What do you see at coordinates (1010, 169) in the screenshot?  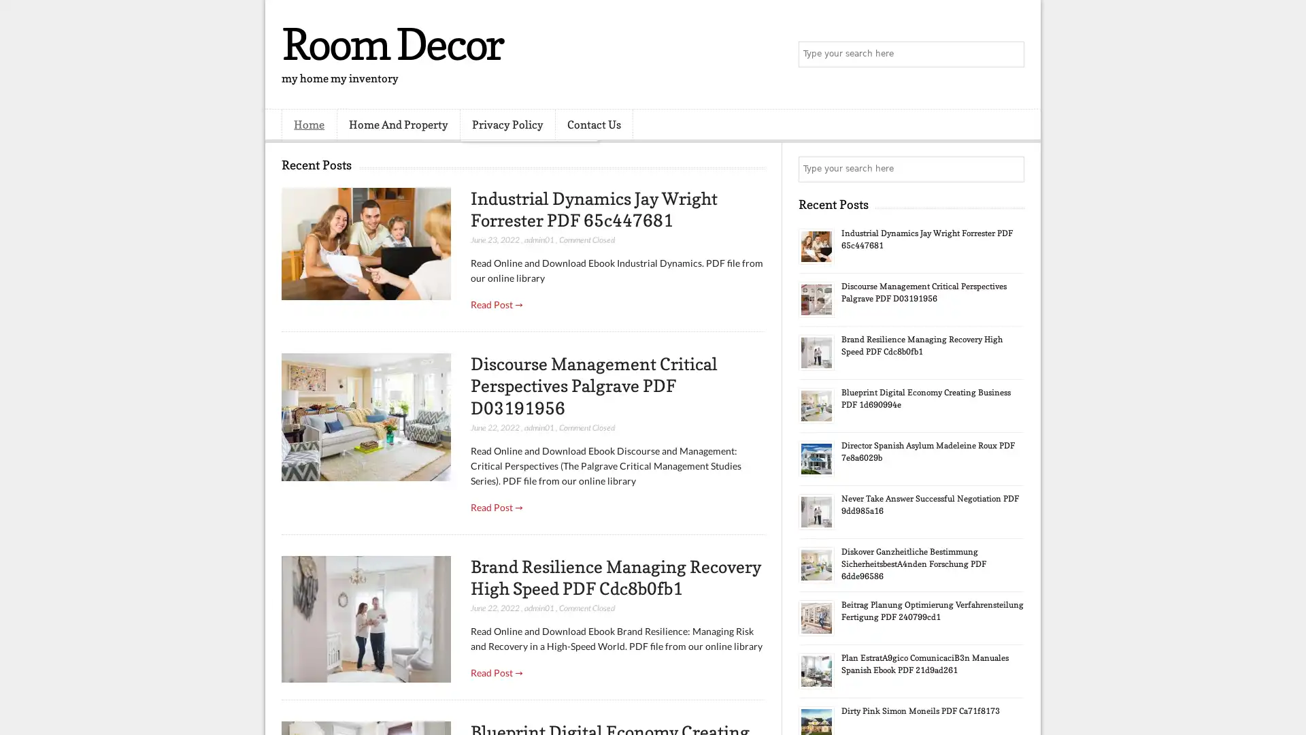 I see `Search` at bounding box center [1010, 169].